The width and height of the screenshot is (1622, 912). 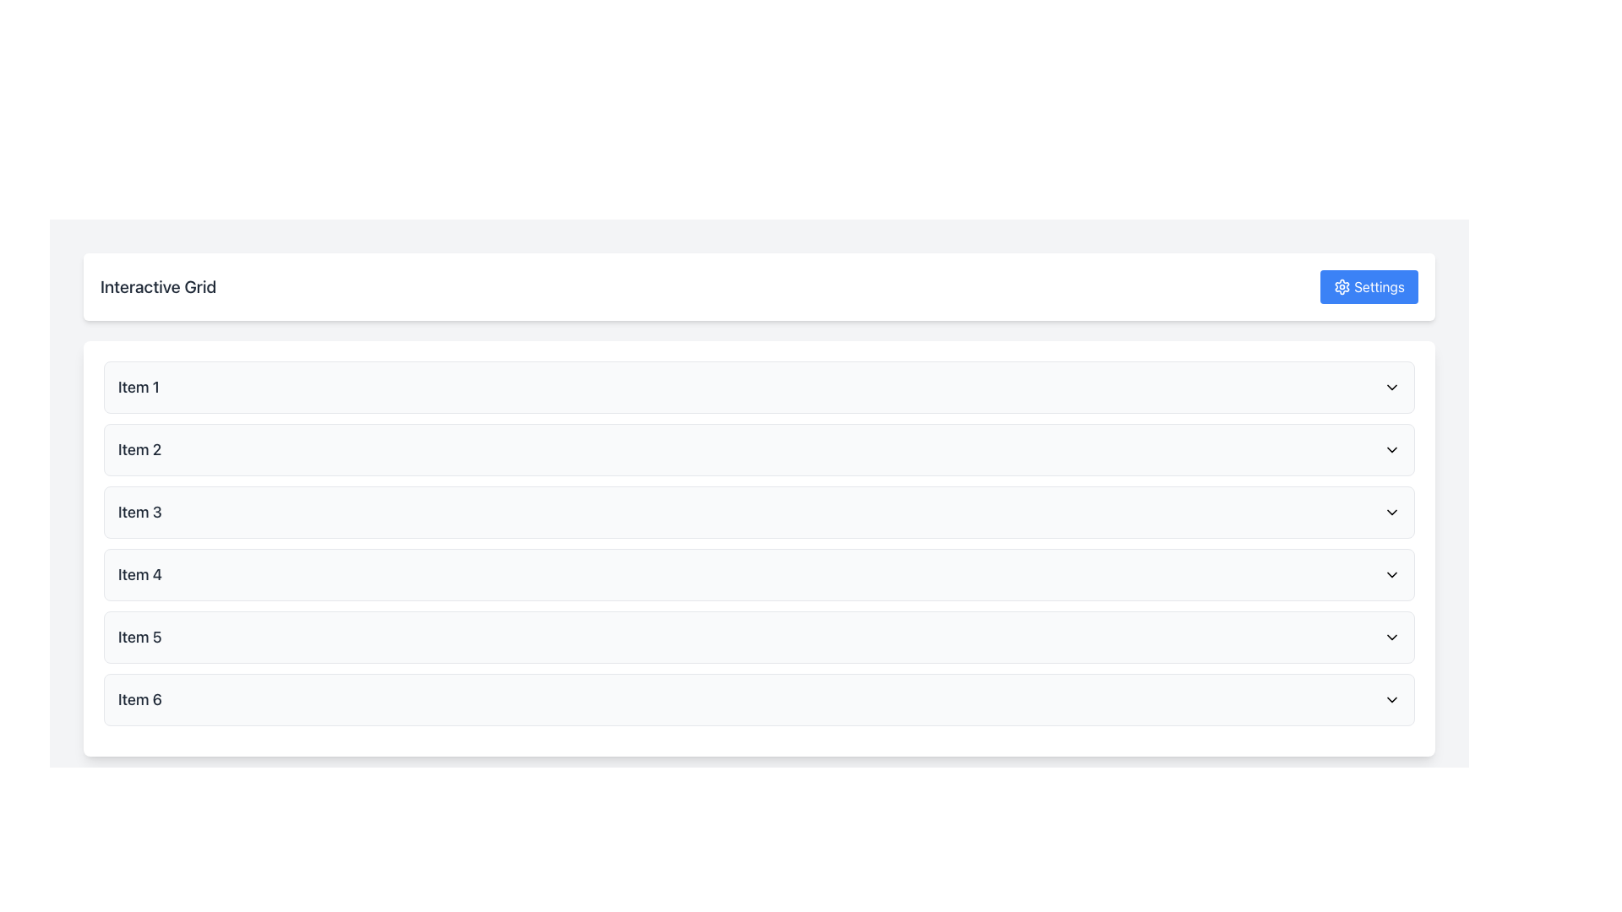 I want to click on on the downward-pointing chevron icon indicating the dropdown menu associated with 'Item 6' located at the rightmost position of its row, so click(x=1391, y=700).